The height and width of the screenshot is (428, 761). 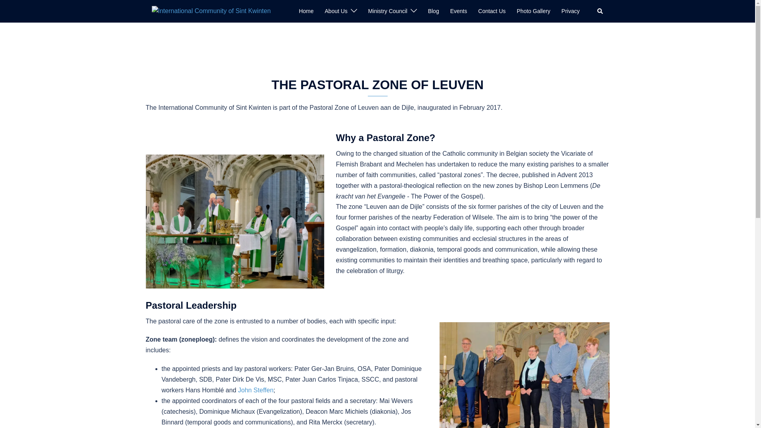 What do you see at coordinates (306, 11) in the screenshot?
I see `'Home'` at bounding box center [306, 11].